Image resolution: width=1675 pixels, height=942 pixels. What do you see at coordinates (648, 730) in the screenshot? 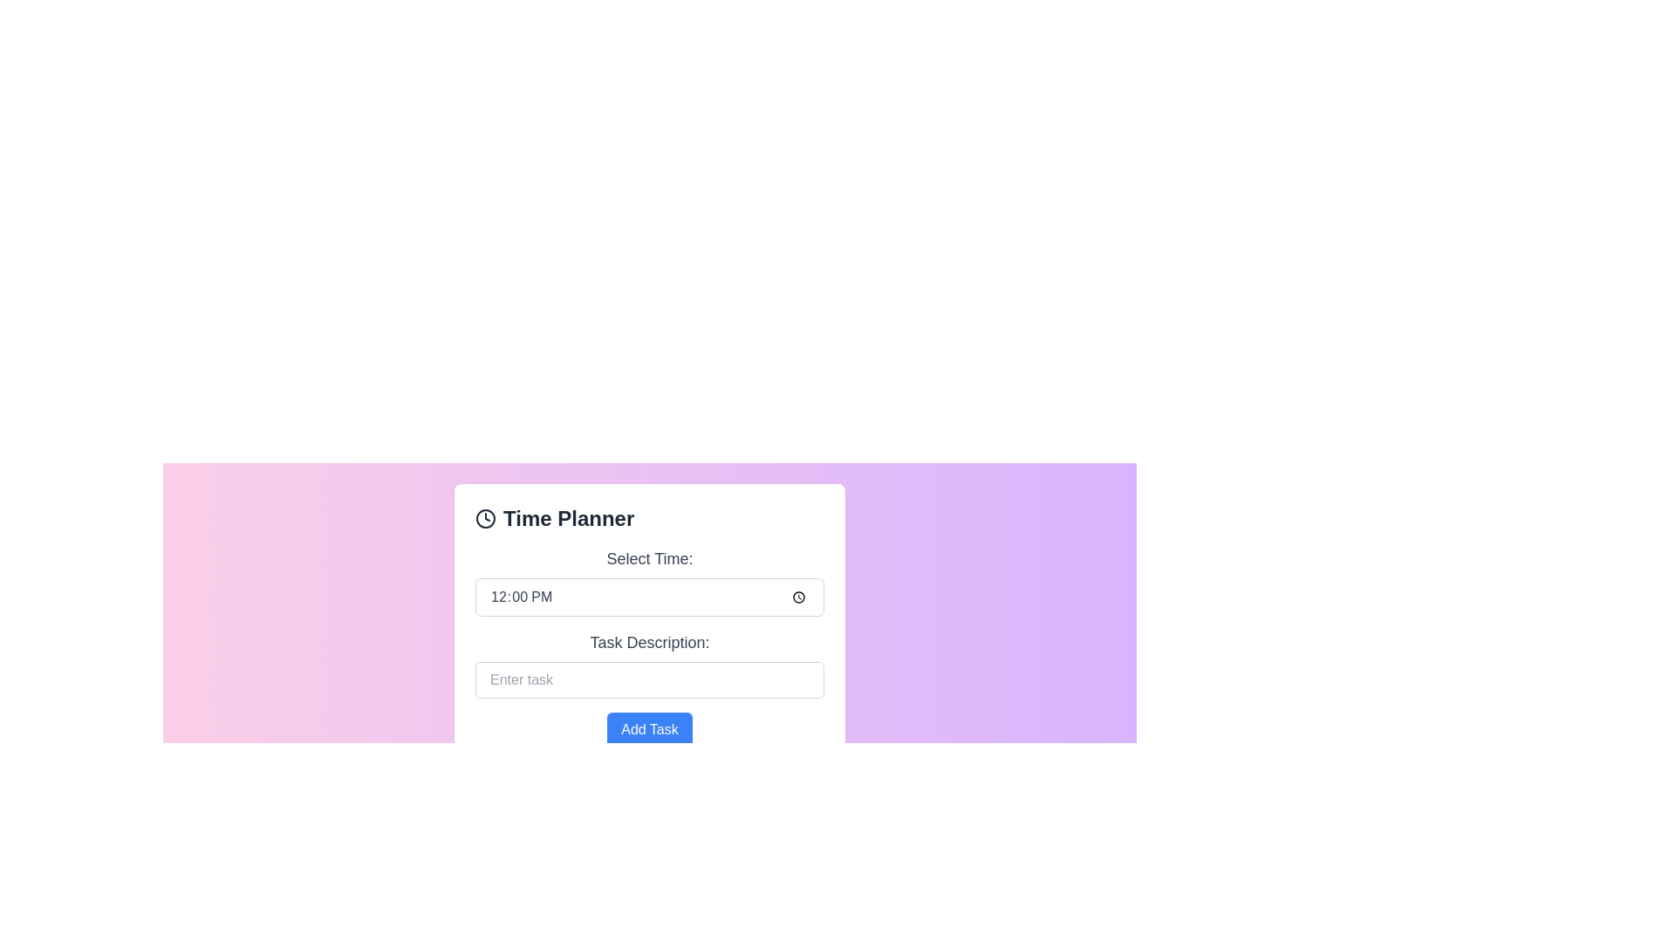
I see `the 'Add Task' button, which is a rectangular button with a blue background and white text located at the bottom center of the form` at bounding box center [648, 730].